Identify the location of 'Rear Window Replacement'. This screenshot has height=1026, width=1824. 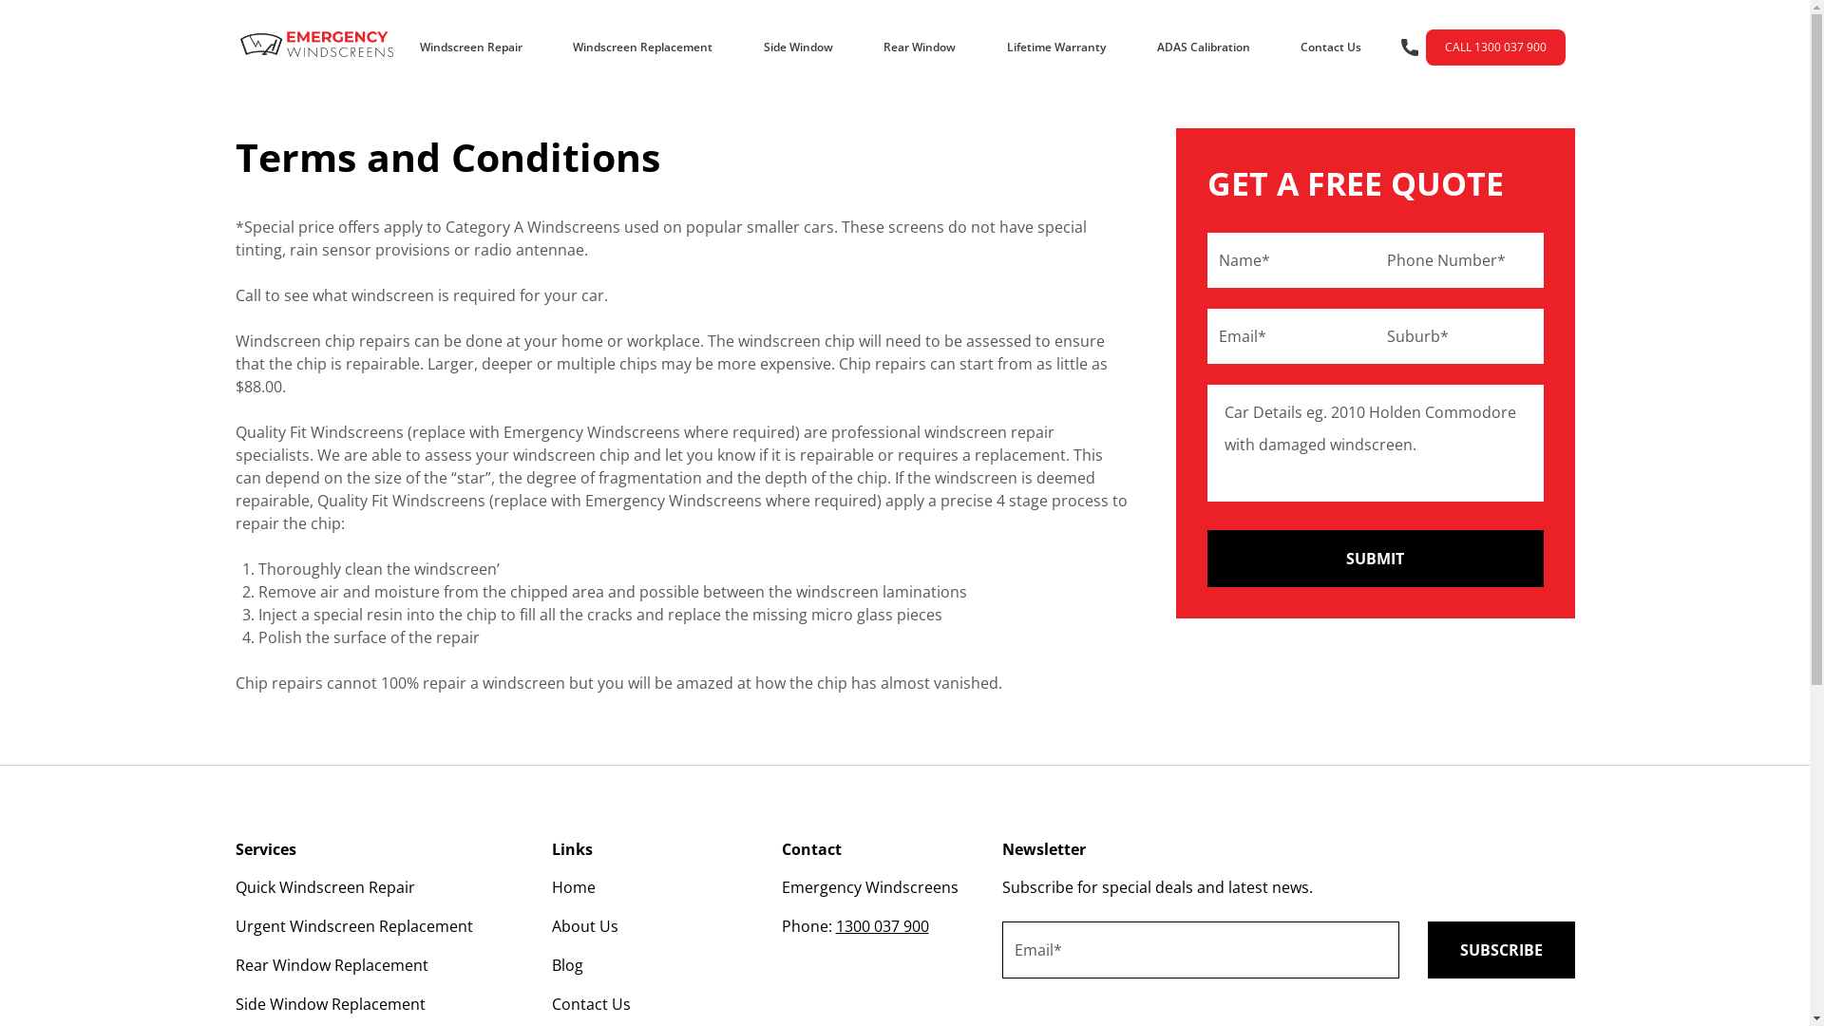
(332, 965).